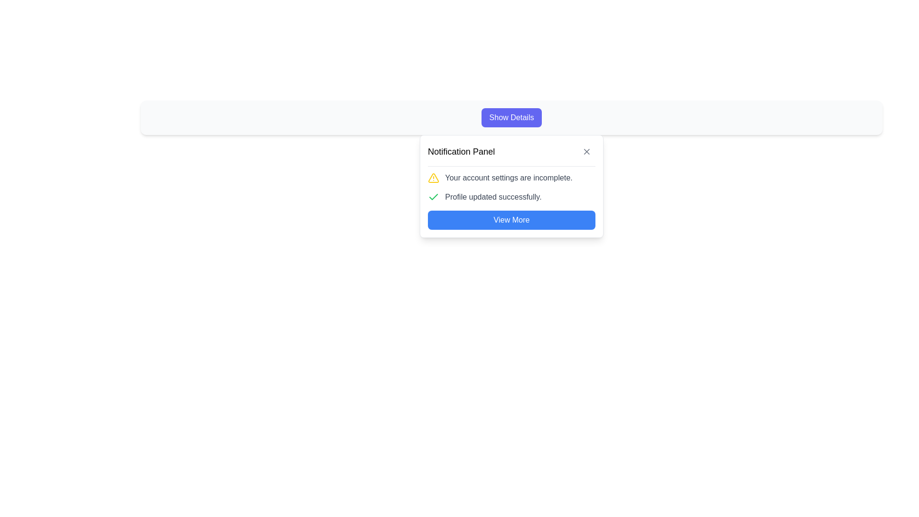  What do you see at coordinates (433, 197) in the screenshot?
I see `the confirmation icon indicating successful profile update, located to the left of the 'Profile updated successfully.' text in the notification panel` at bounding box center [433, 197].